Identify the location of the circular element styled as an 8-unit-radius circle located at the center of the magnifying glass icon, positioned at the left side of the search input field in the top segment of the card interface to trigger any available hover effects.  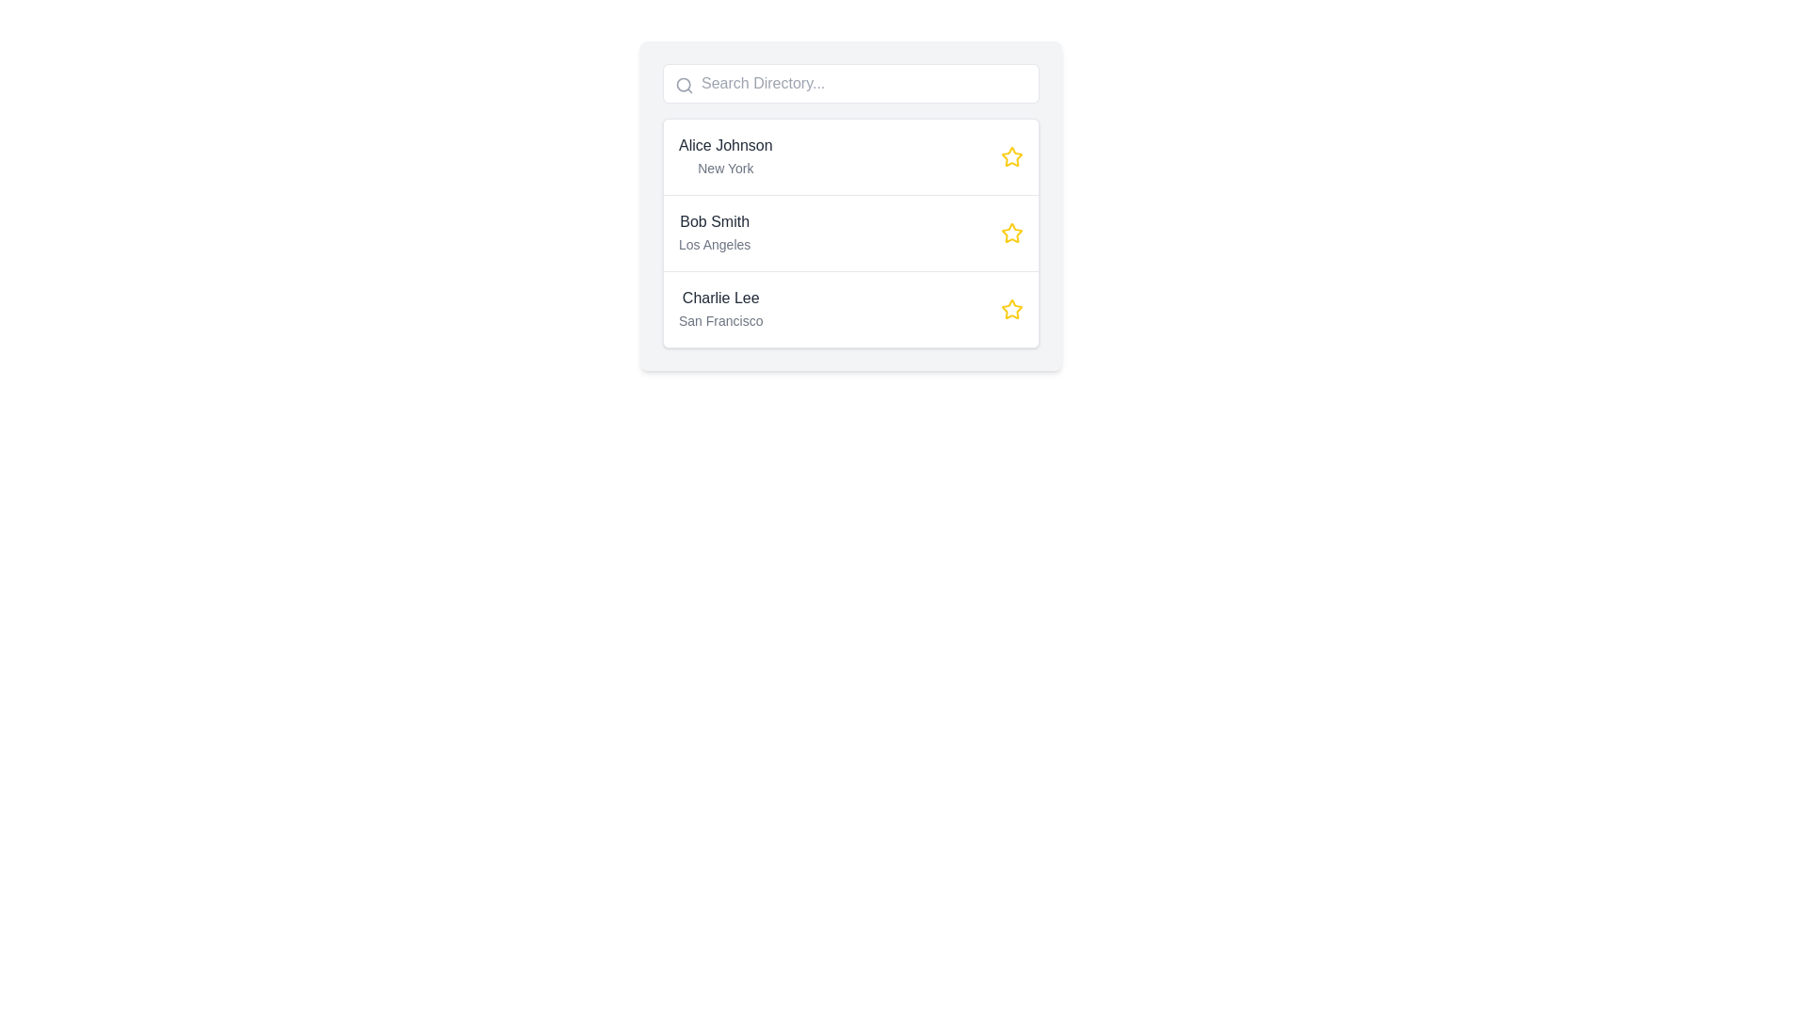
(683, 85).